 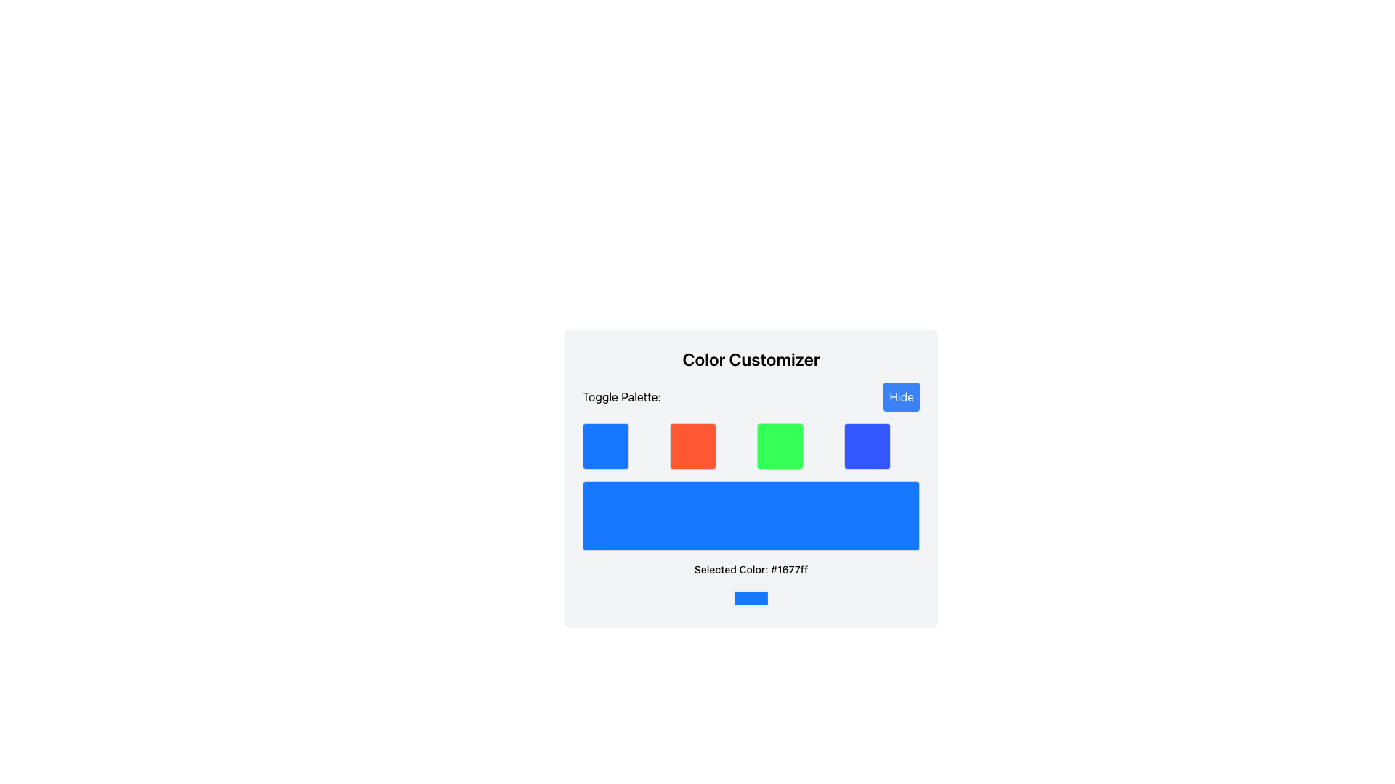 I want to click on one of the color swatches in the grid of four square-shaped color swatches, so click(x=751, y=445).